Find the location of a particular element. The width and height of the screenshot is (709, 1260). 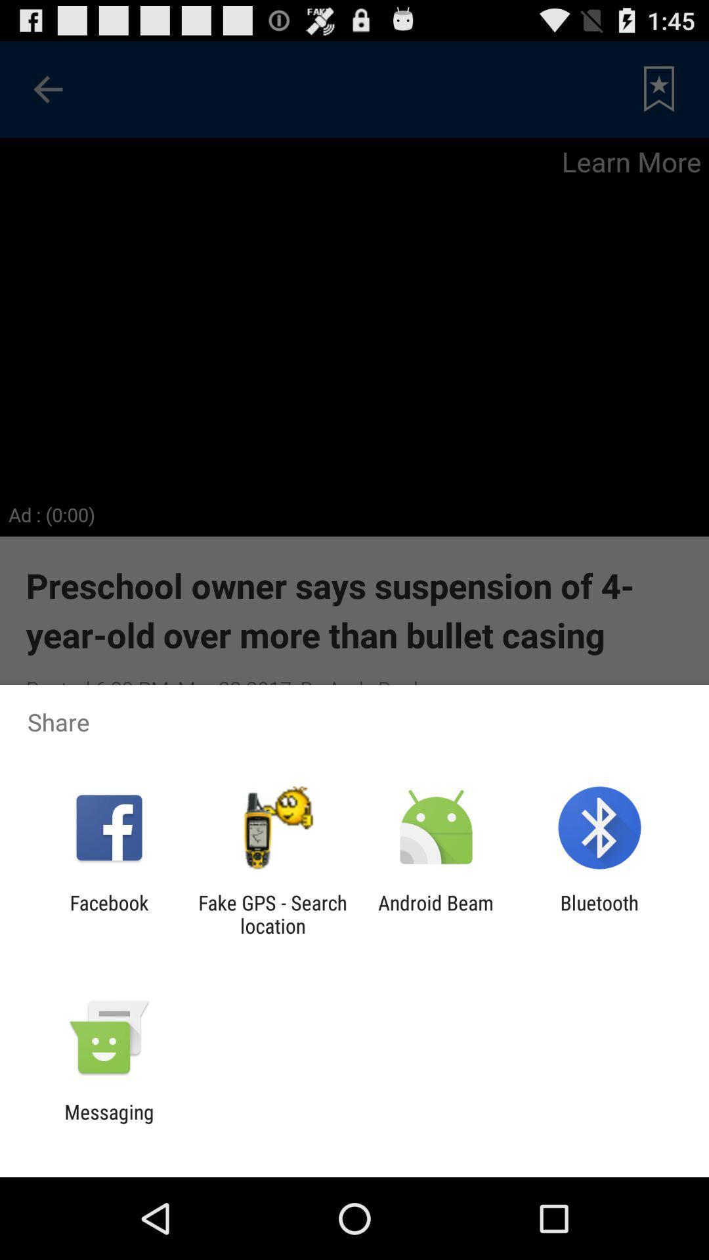

android beam icon is located at coordinates (436, 913).